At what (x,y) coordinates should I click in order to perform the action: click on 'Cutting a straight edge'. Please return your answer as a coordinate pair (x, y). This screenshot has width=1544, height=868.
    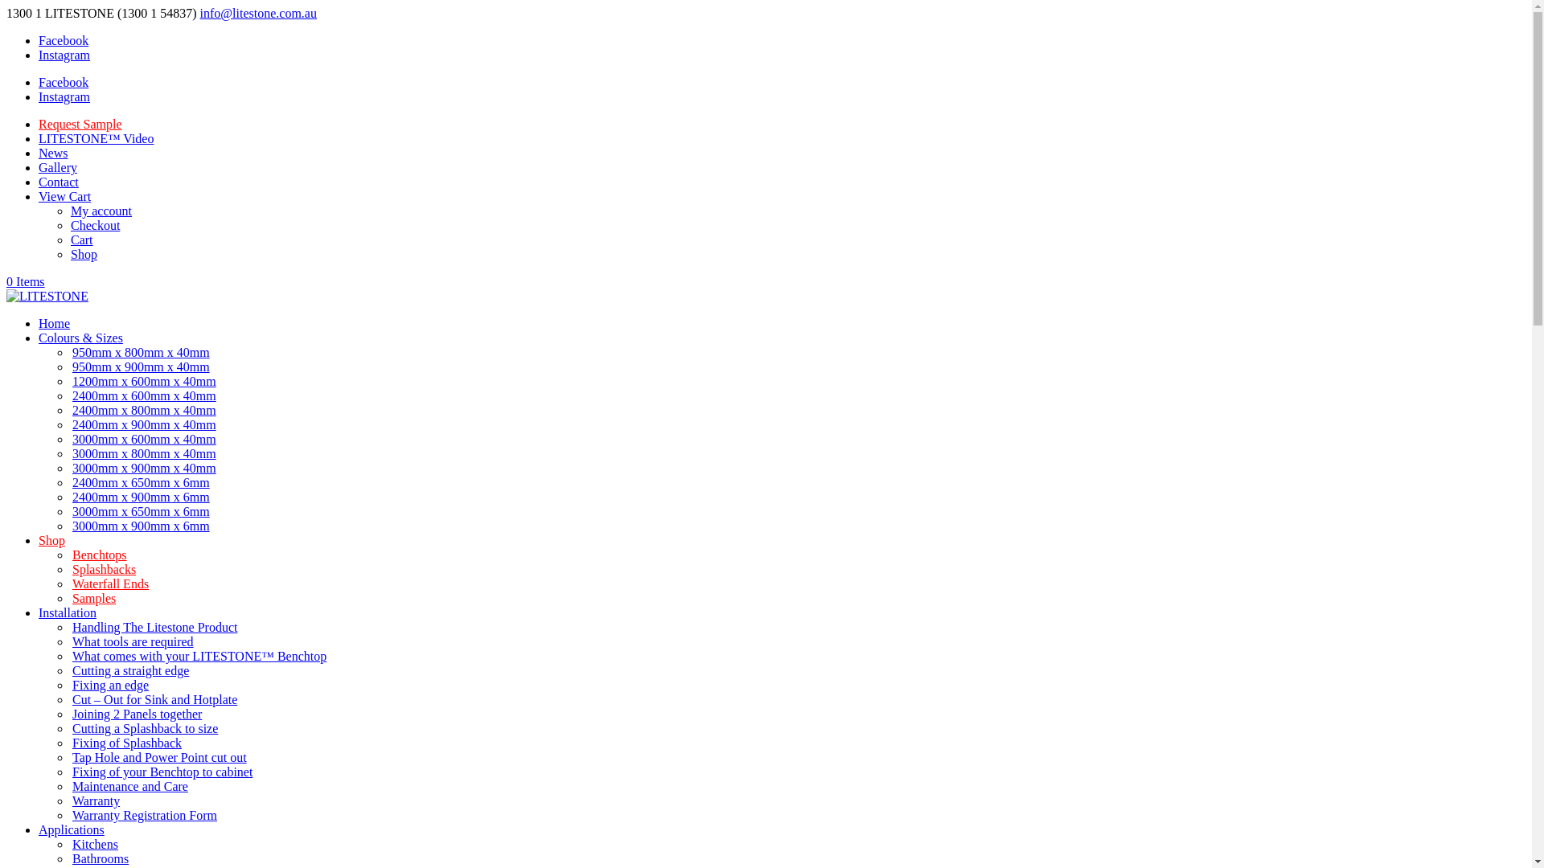
    Looking at the image, I should click on (130, 670).